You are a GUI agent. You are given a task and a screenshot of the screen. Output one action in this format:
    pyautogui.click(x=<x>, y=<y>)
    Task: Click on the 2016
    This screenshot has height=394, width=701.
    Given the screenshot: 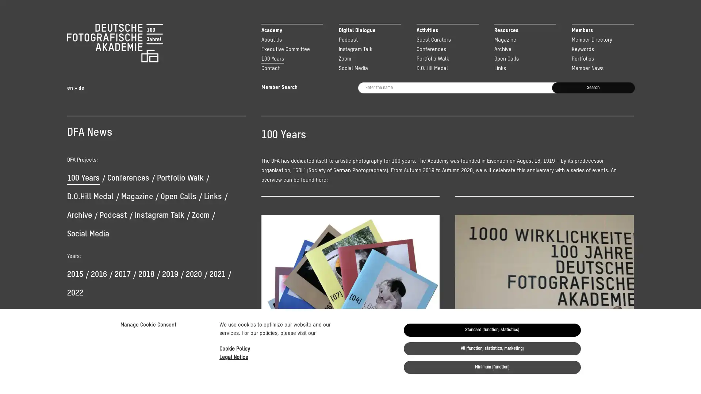 What is the action you would take?
    pyautogui.click(x=98, y=274)
    